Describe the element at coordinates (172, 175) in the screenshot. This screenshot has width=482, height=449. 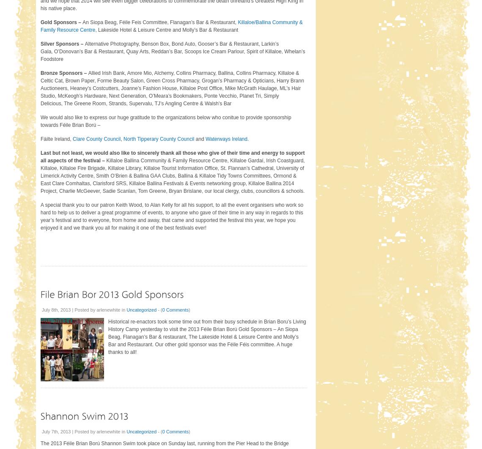
I see `'Killaloe Gardaí, Irish Coastguard, Killaloe, Killaloe Fire Brigade, Killaloe Library, Killaloe Tourist Information Office, St. Flannan’s Cathedral, University of Limerick Activity Centre, Smith O’Brien & Ballina GAA Clubs, Ballina & Killaloe Tidy Towns Committees, Ormond & East Clare Comhaltas, Clarisford SRS, Killaloe Ballina Festivals & Events networking group, Killaloe Ballina 2014 Project, Charlie McGeever, Sadie Scanlan, Tom Greene, Bryan Brislane, our local clergy, clubs, councillors & schools.'` at that location.